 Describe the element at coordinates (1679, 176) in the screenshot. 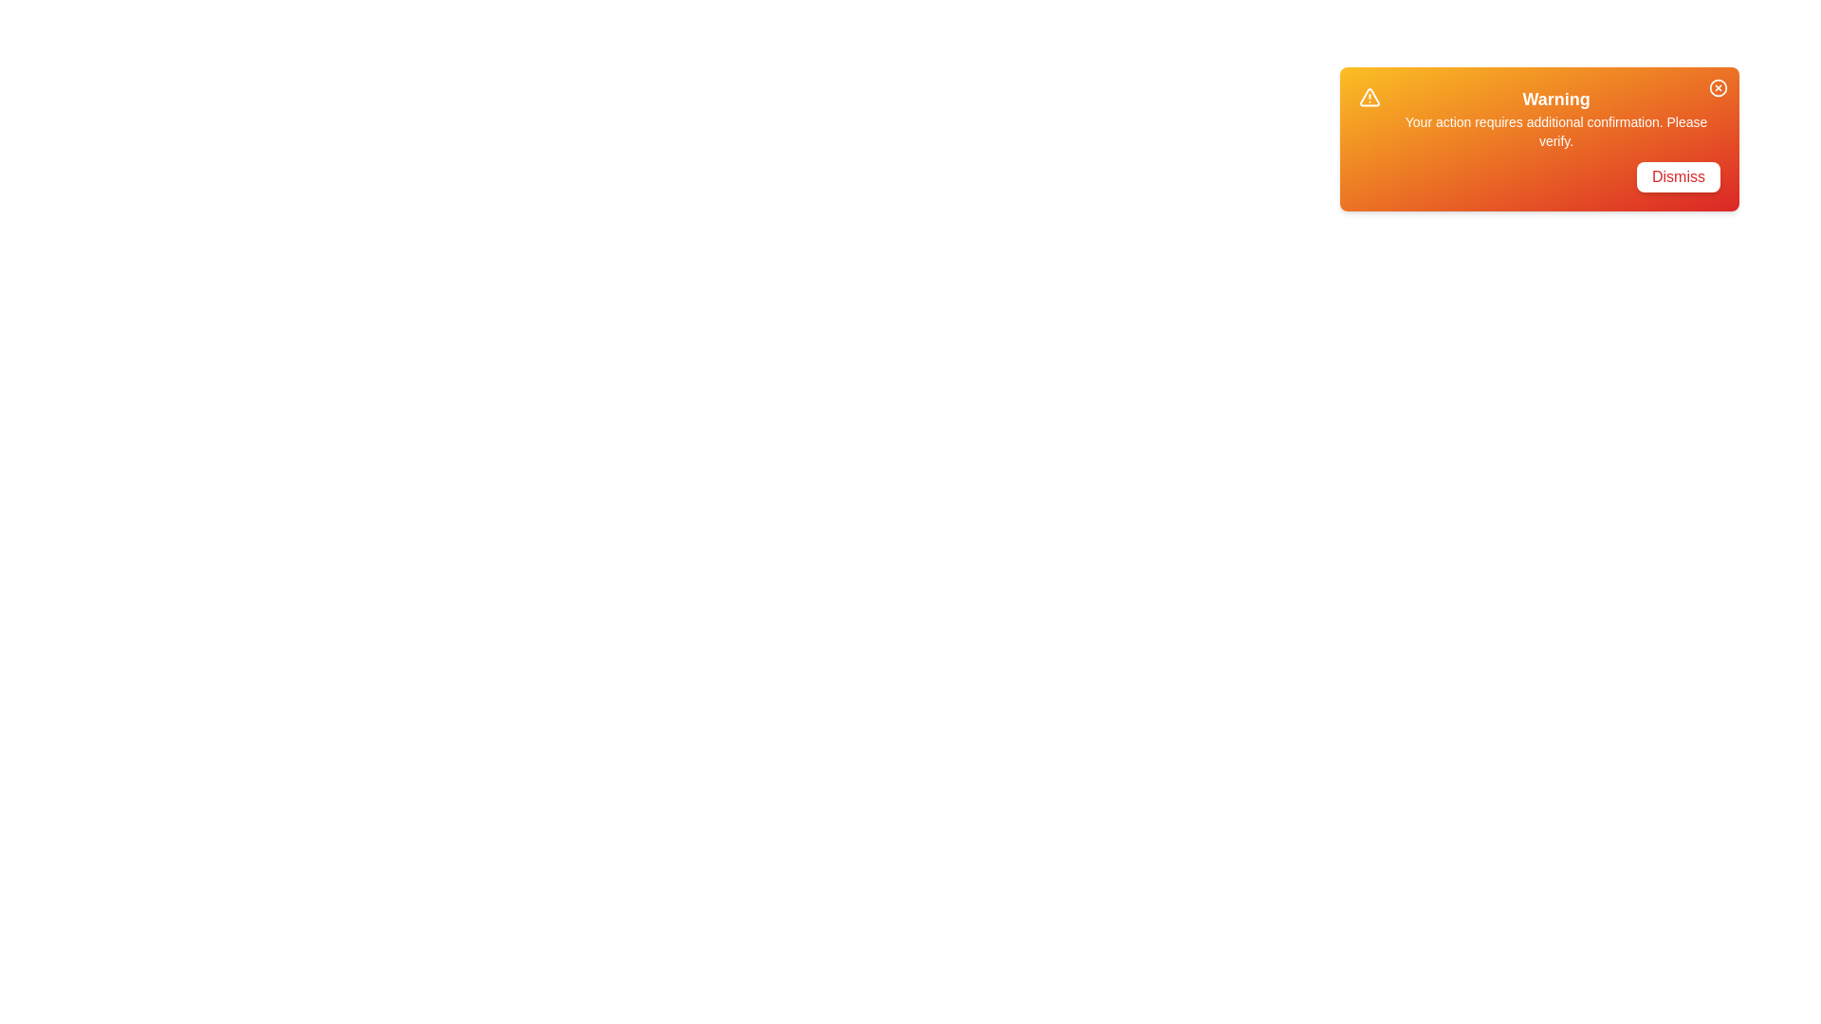

I see `the 'Dismiss' button to dismiss the snackbar` at that location.